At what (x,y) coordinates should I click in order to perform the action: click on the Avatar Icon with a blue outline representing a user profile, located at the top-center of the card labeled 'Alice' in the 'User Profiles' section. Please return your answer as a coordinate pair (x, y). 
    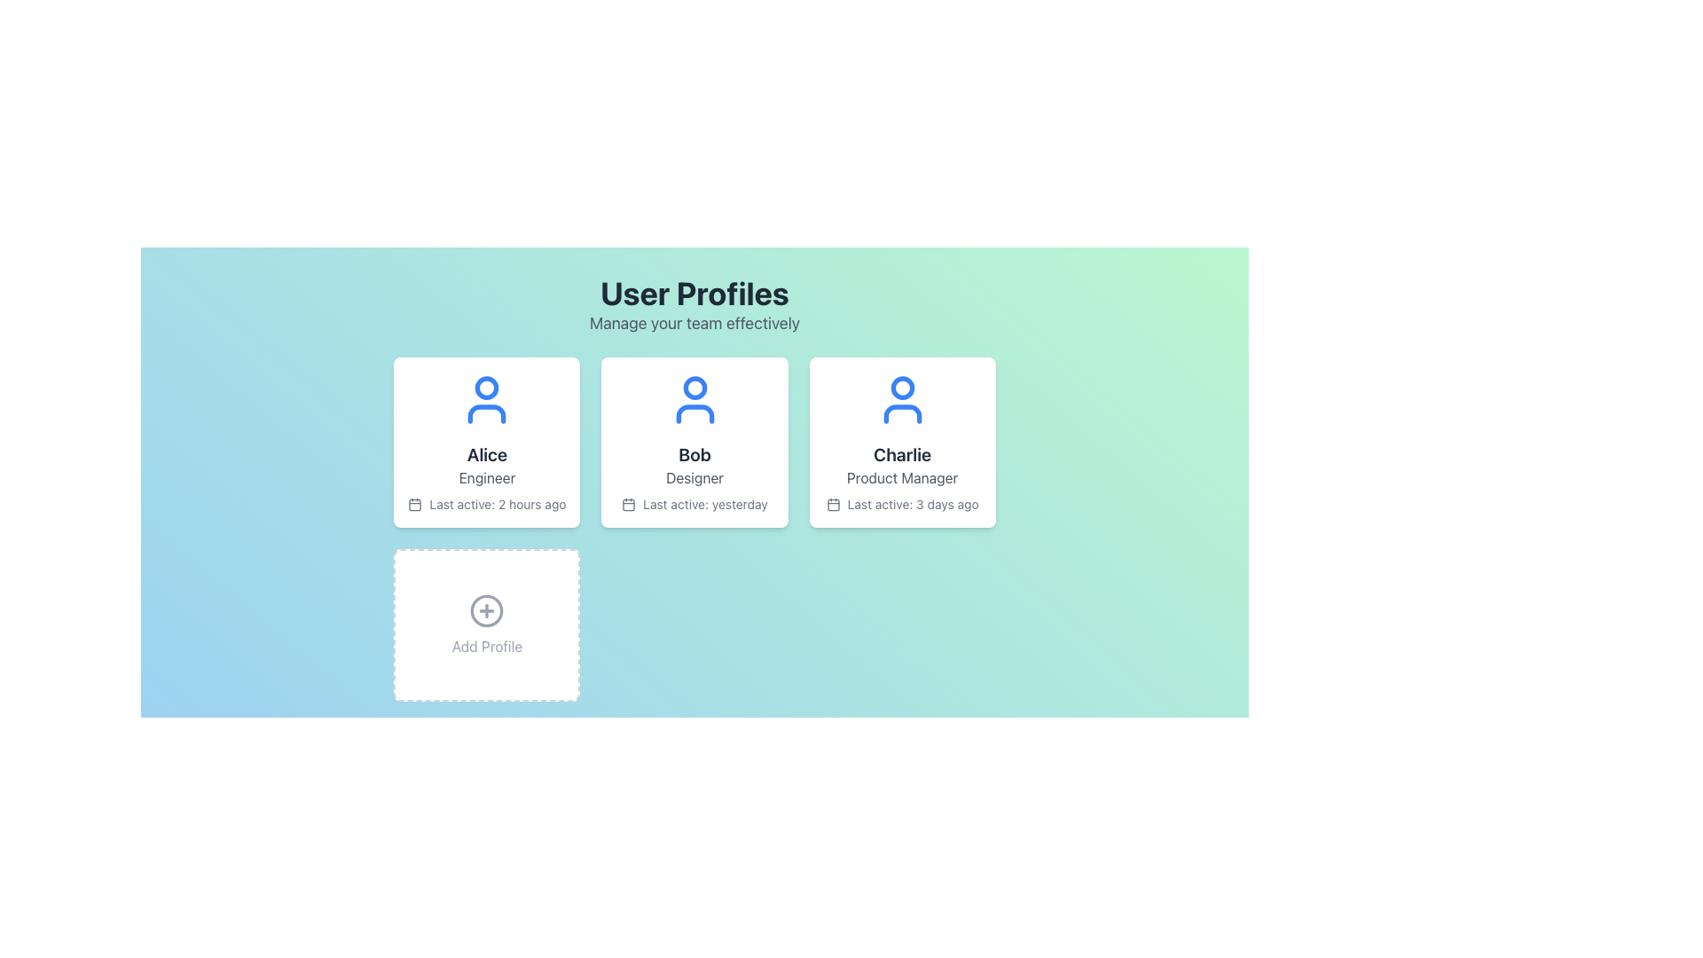
    Looking at the image, I should click on (487, 400).